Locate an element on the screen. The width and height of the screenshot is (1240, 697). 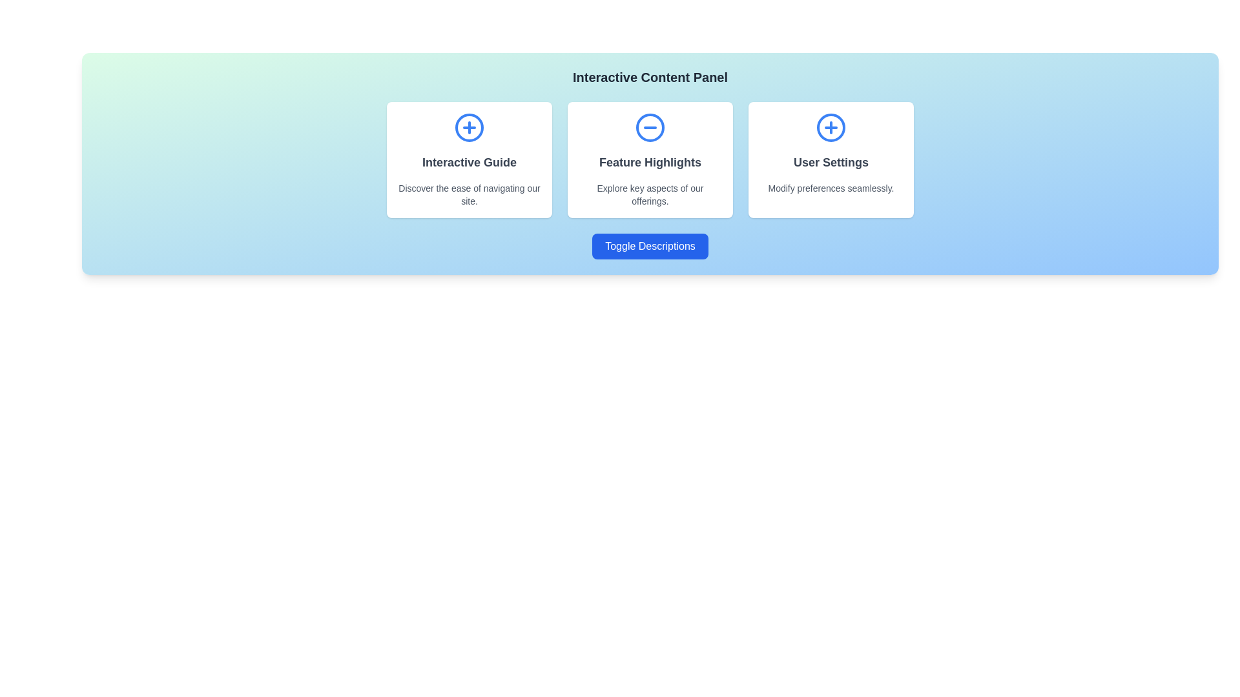
the SVG graphic icon indicating reduction or minimization functionality located in the second white card titled 'Feature Highlights' is located at coordinates (650, 127).